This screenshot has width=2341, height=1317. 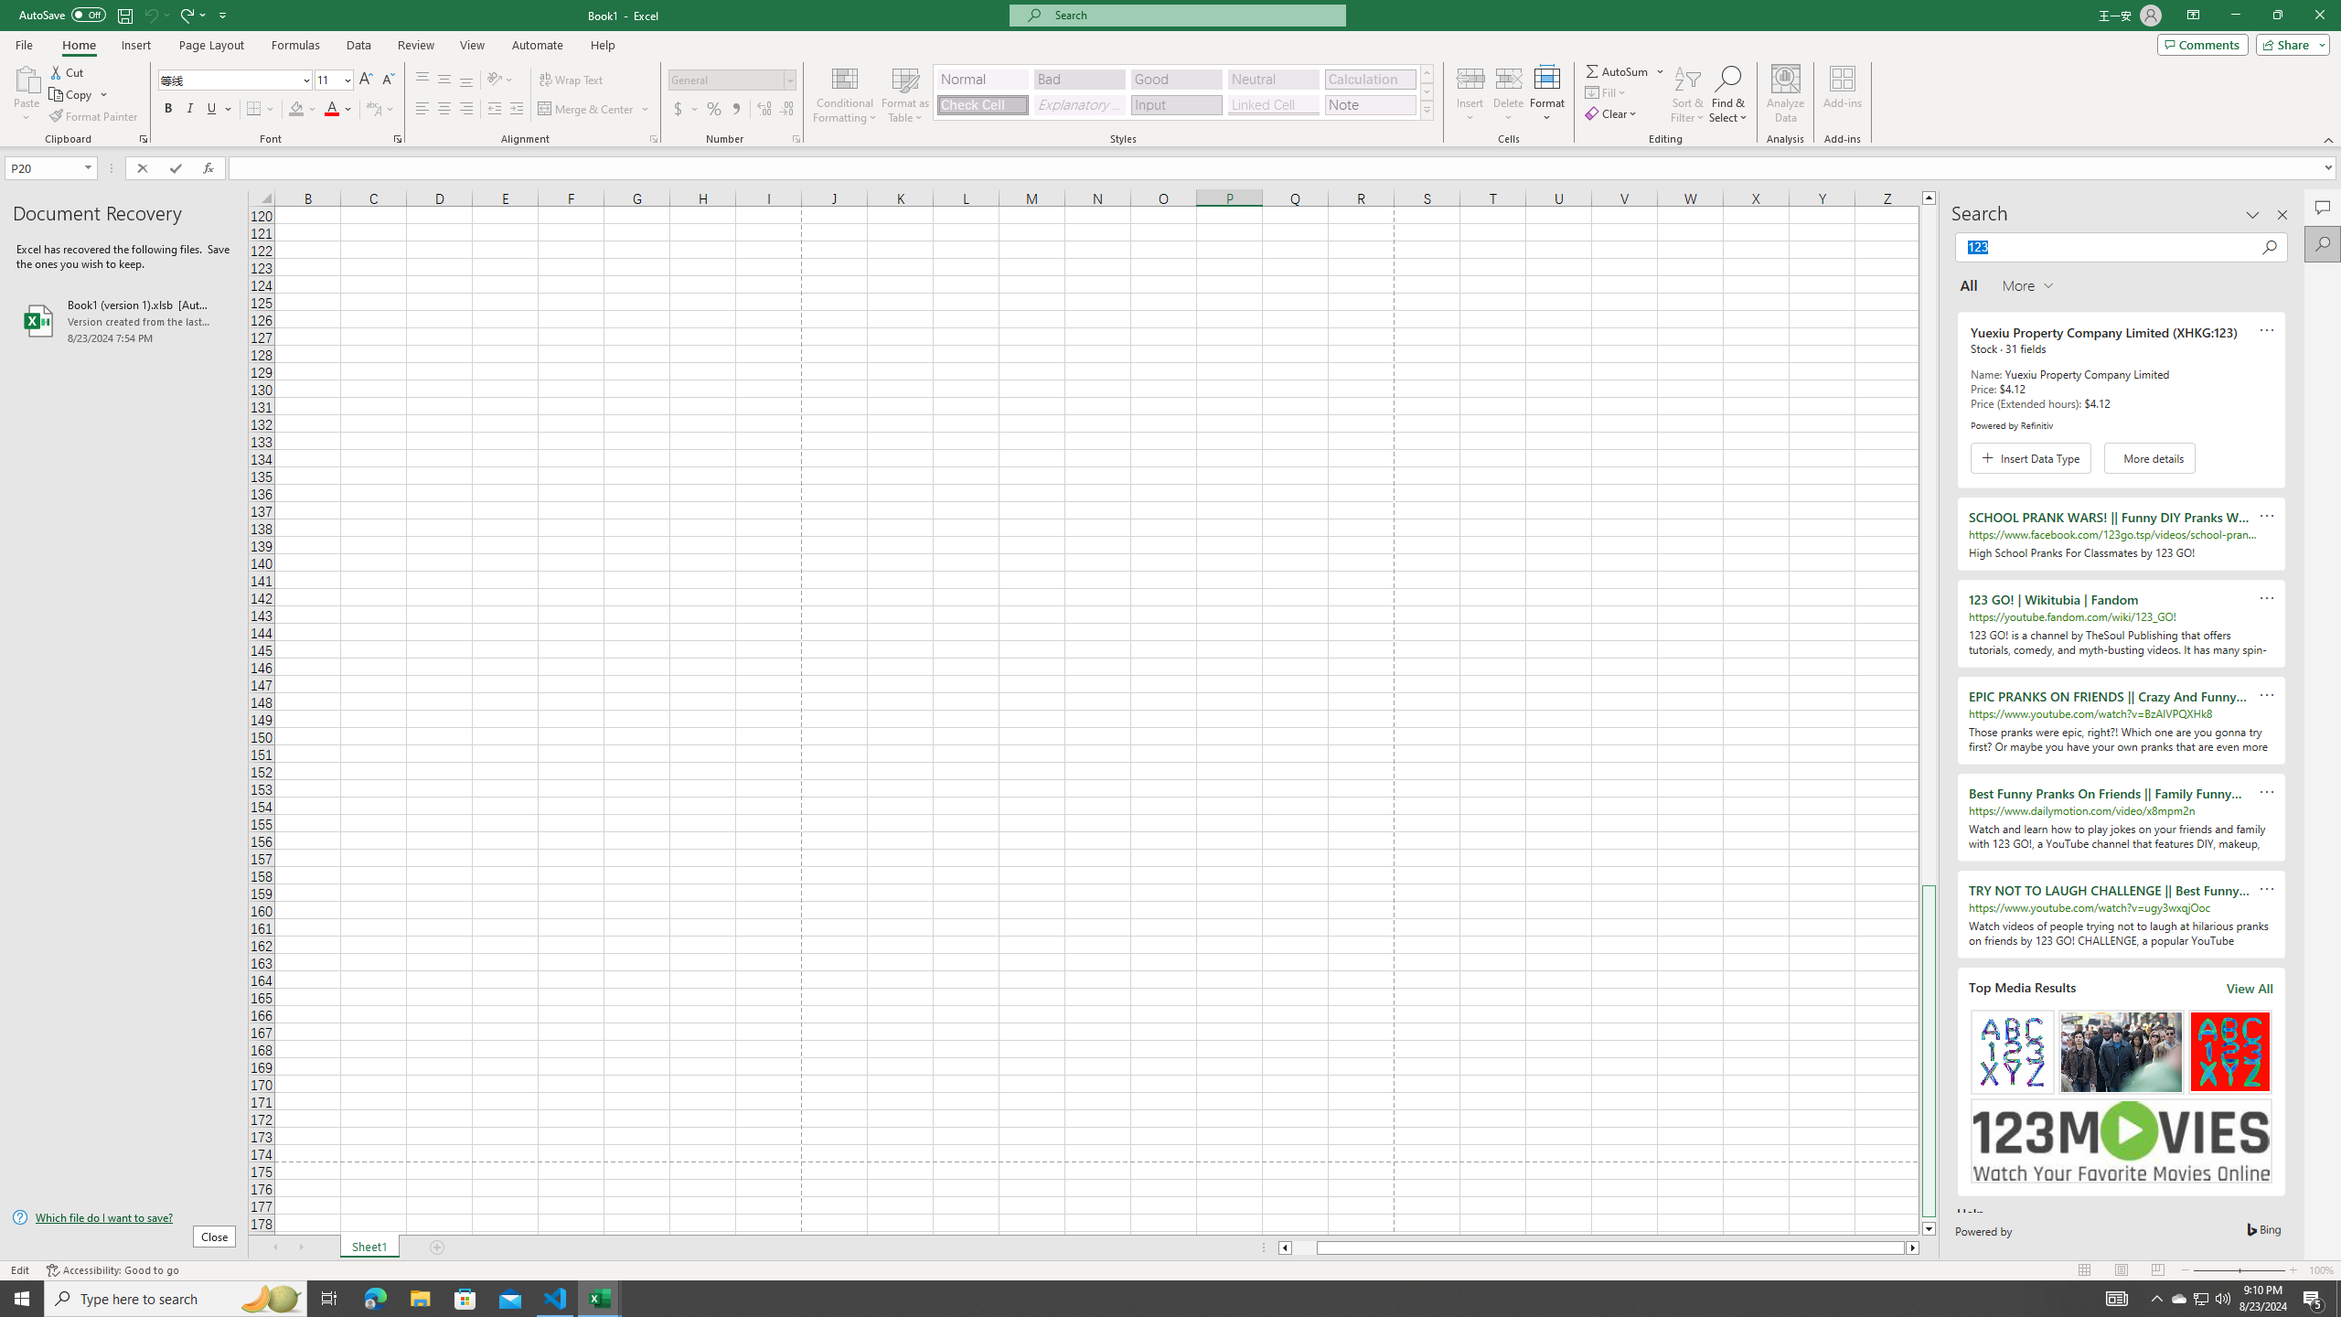 I want to click on 'Font Size', so click(x=332, y=80).